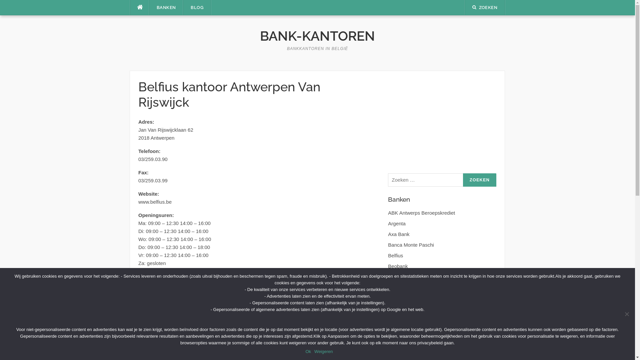 The width and height of the screenshot is (640, 360). Describe the element at coordinates (400, 298) in the screenshot. I see `'bpost bank'` at that location.